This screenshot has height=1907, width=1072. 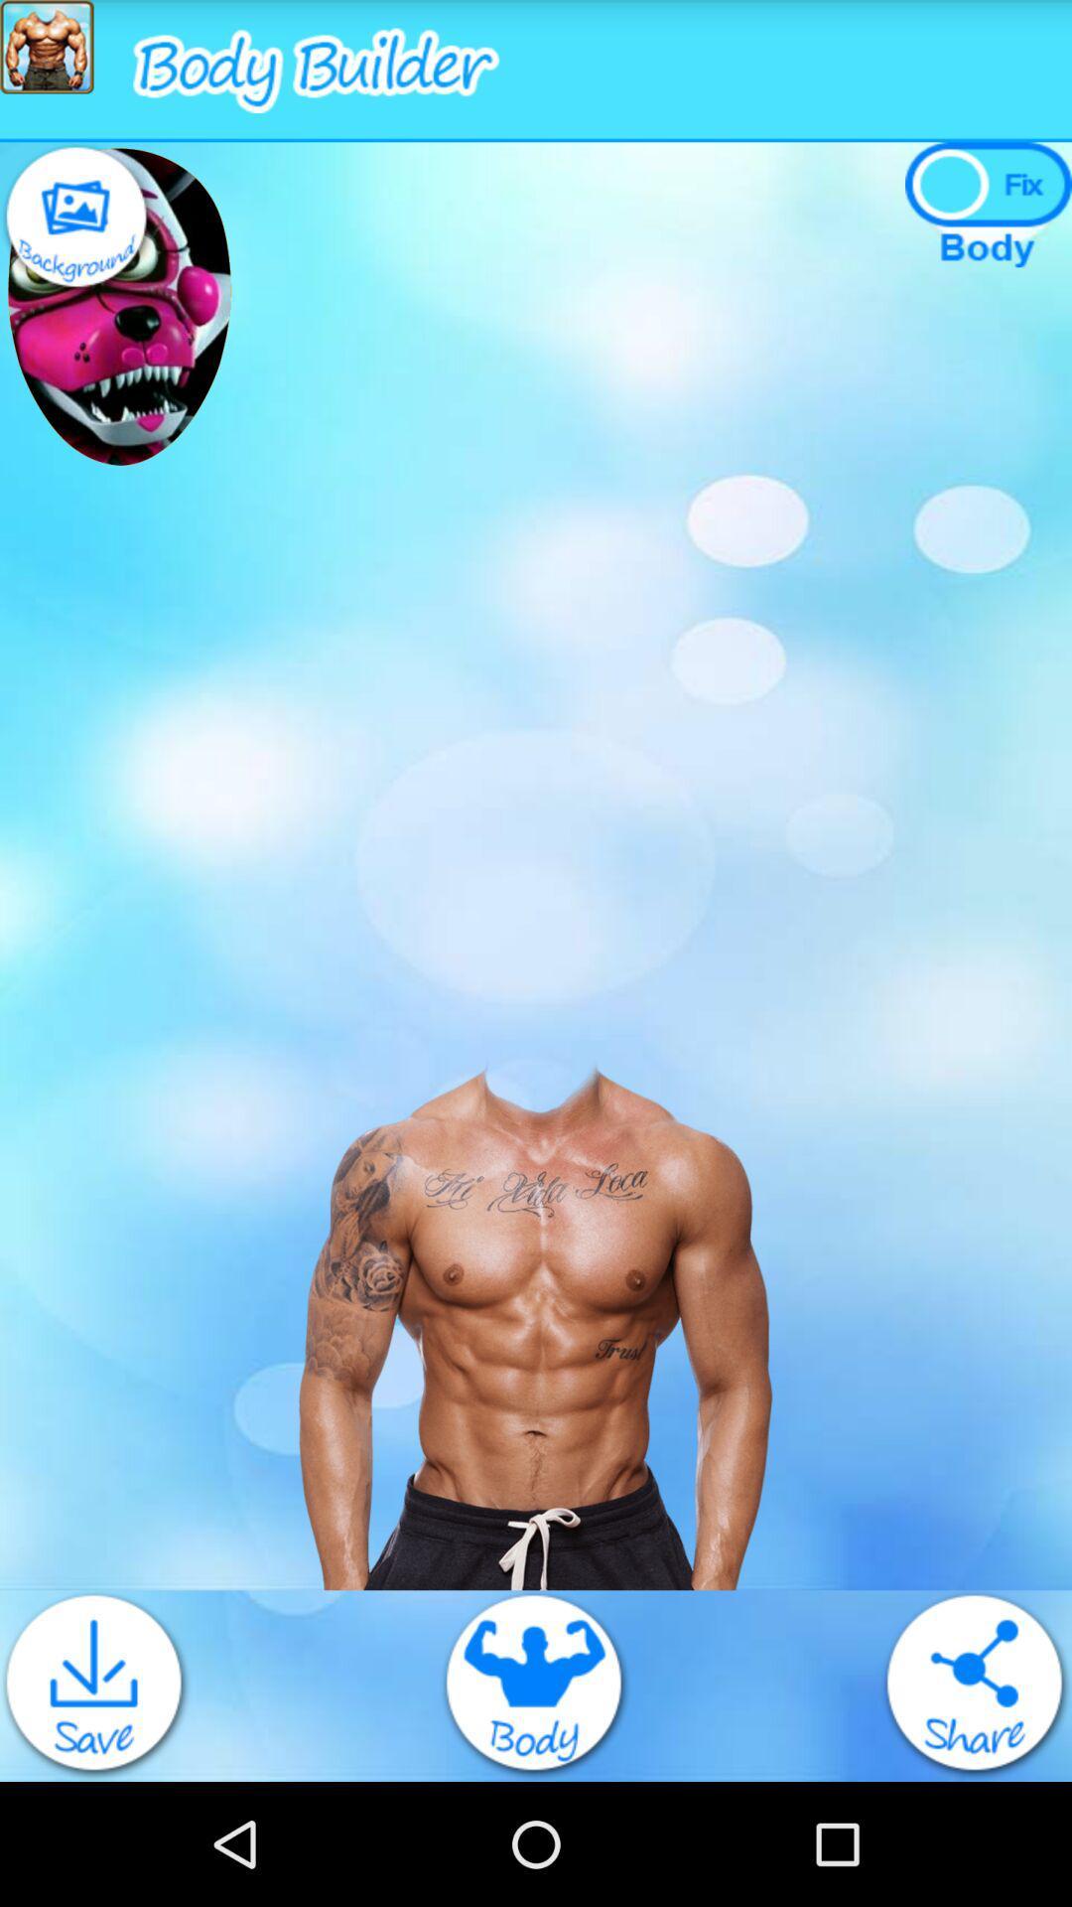 I want to click on the wallpaper icon, so click(x=76, y=235).